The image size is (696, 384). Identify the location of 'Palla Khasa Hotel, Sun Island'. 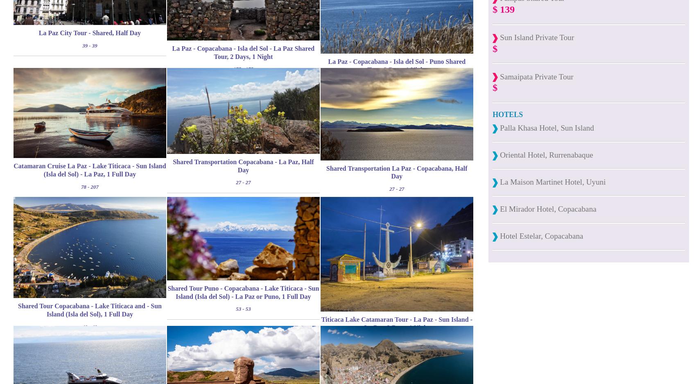
(545, 127).